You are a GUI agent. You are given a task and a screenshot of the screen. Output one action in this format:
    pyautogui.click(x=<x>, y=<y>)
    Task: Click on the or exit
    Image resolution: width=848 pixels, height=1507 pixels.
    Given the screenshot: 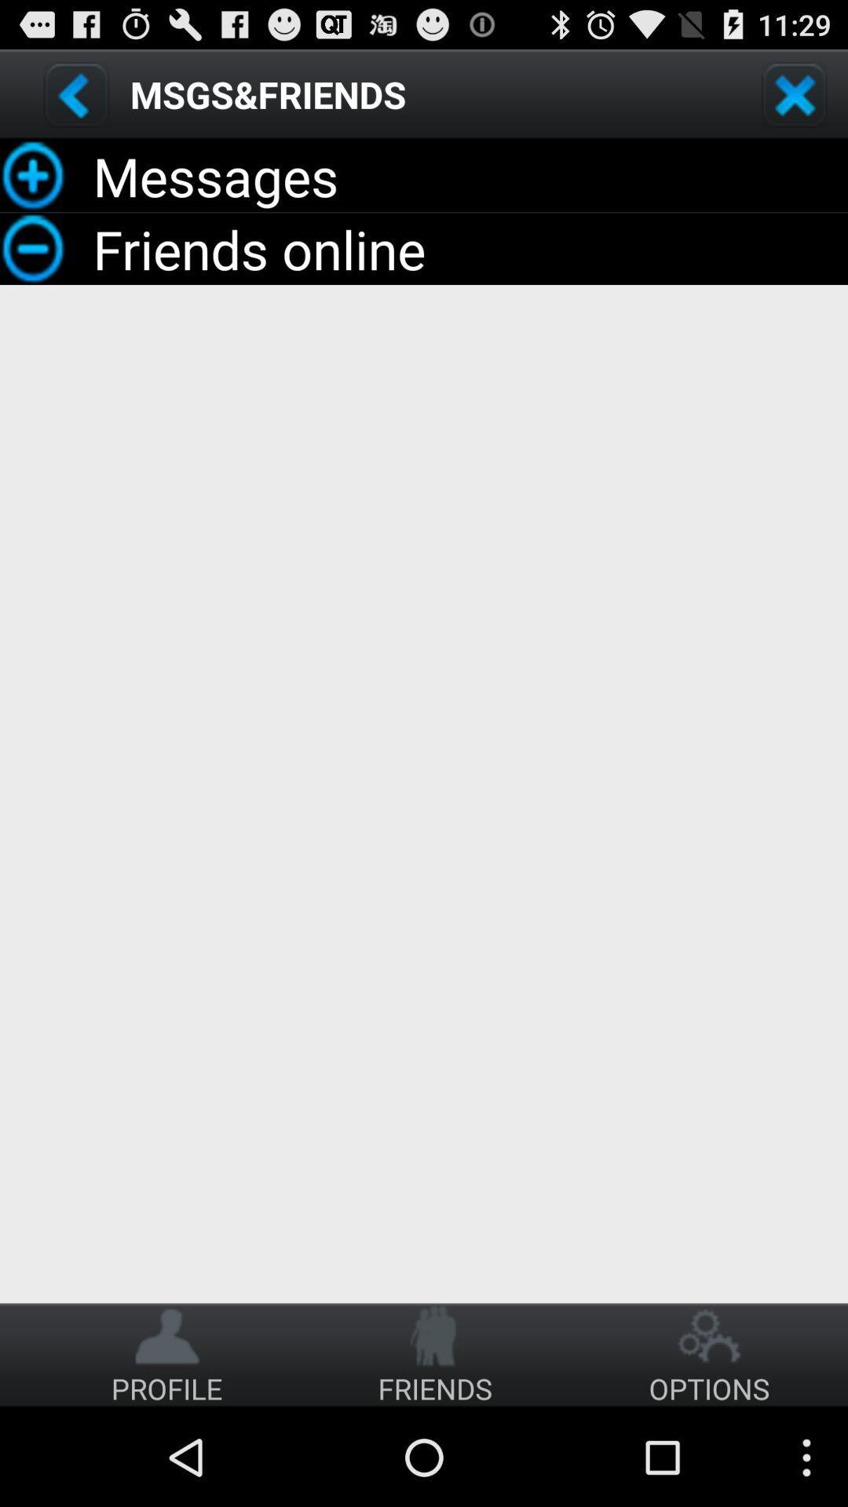 What is the action you would take?
    pyautogui.click(x=794, y=93)
    